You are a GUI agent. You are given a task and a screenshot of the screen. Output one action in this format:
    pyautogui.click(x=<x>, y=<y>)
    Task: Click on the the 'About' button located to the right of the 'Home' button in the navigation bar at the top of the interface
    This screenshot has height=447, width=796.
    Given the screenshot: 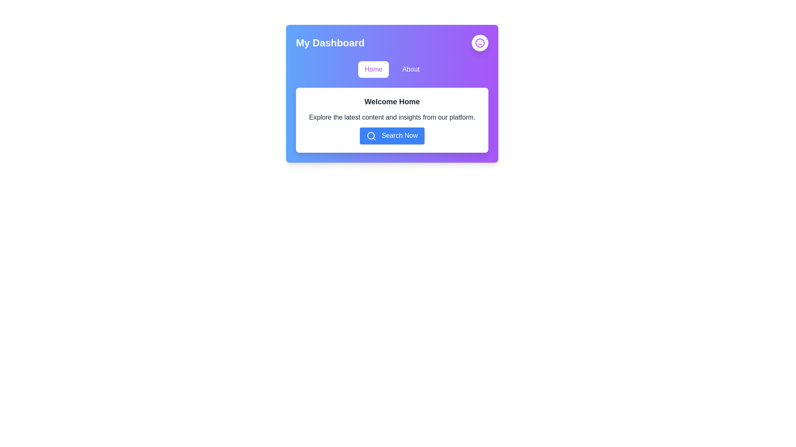 What is the action you would take?
    pyautogui.click(x=411, y=69)
    